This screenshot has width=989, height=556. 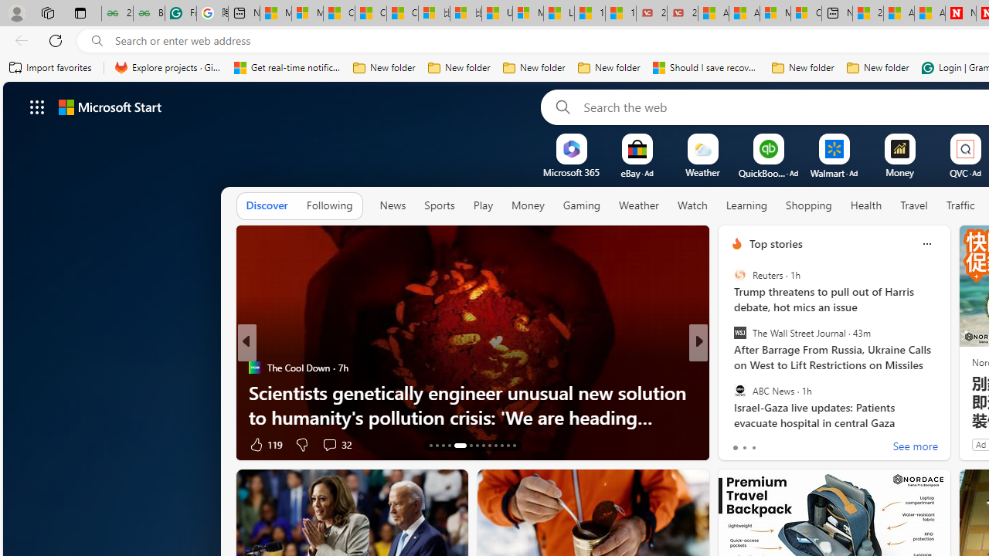 What do you see at coordinates (738, 444) in the screenshot?
I see `'84 Like'` at bounding box center [738, 444].